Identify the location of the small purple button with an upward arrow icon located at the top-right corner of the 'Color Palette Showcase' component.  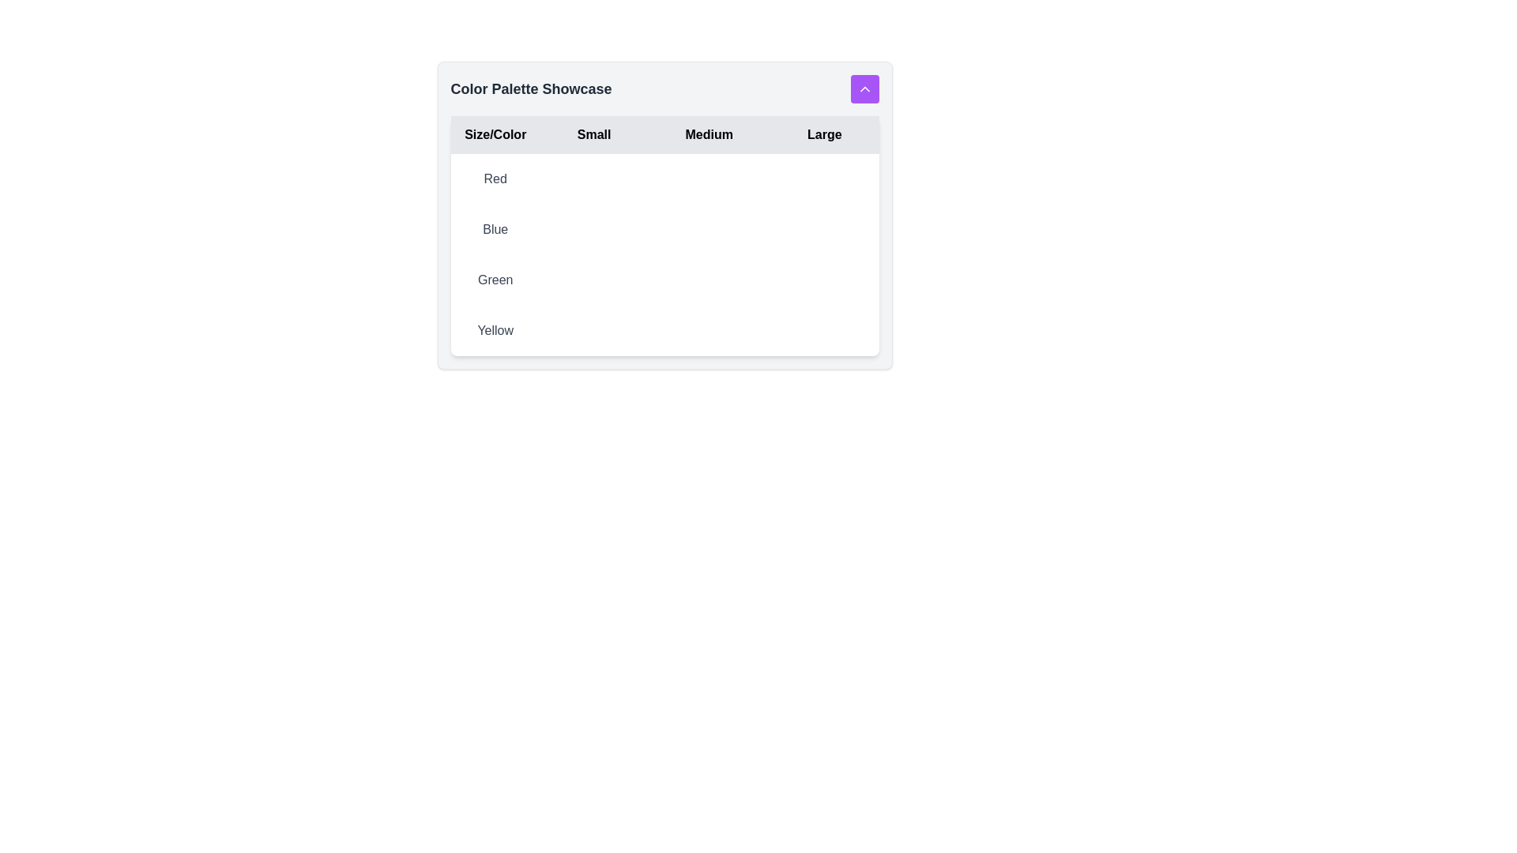
(864, 88).